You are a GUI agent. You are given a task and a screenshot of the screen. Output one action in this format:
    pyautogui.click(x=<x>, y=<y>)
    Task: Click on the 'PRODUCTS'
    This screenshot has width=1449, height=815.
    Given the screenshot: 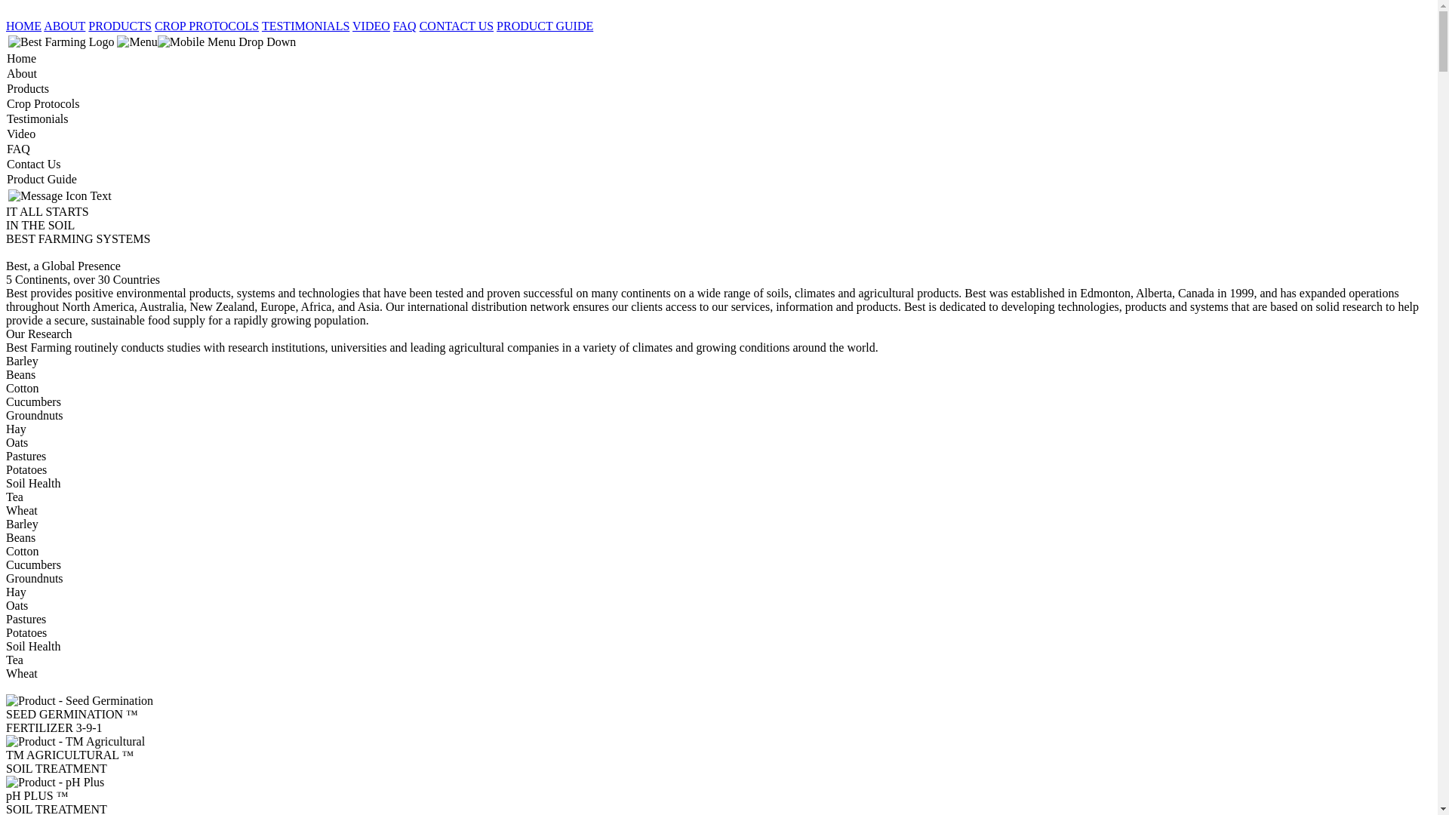 What is the action you would take?
    pyautogui.click(x=118, y=26)
    